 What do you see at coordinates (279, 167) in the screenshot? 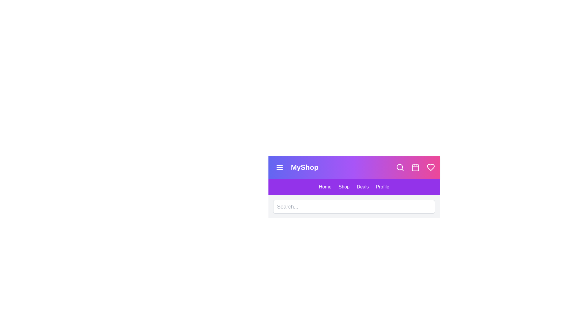
I see `the menu button to toggle the menu visibility` at bounding box center [279, 167].